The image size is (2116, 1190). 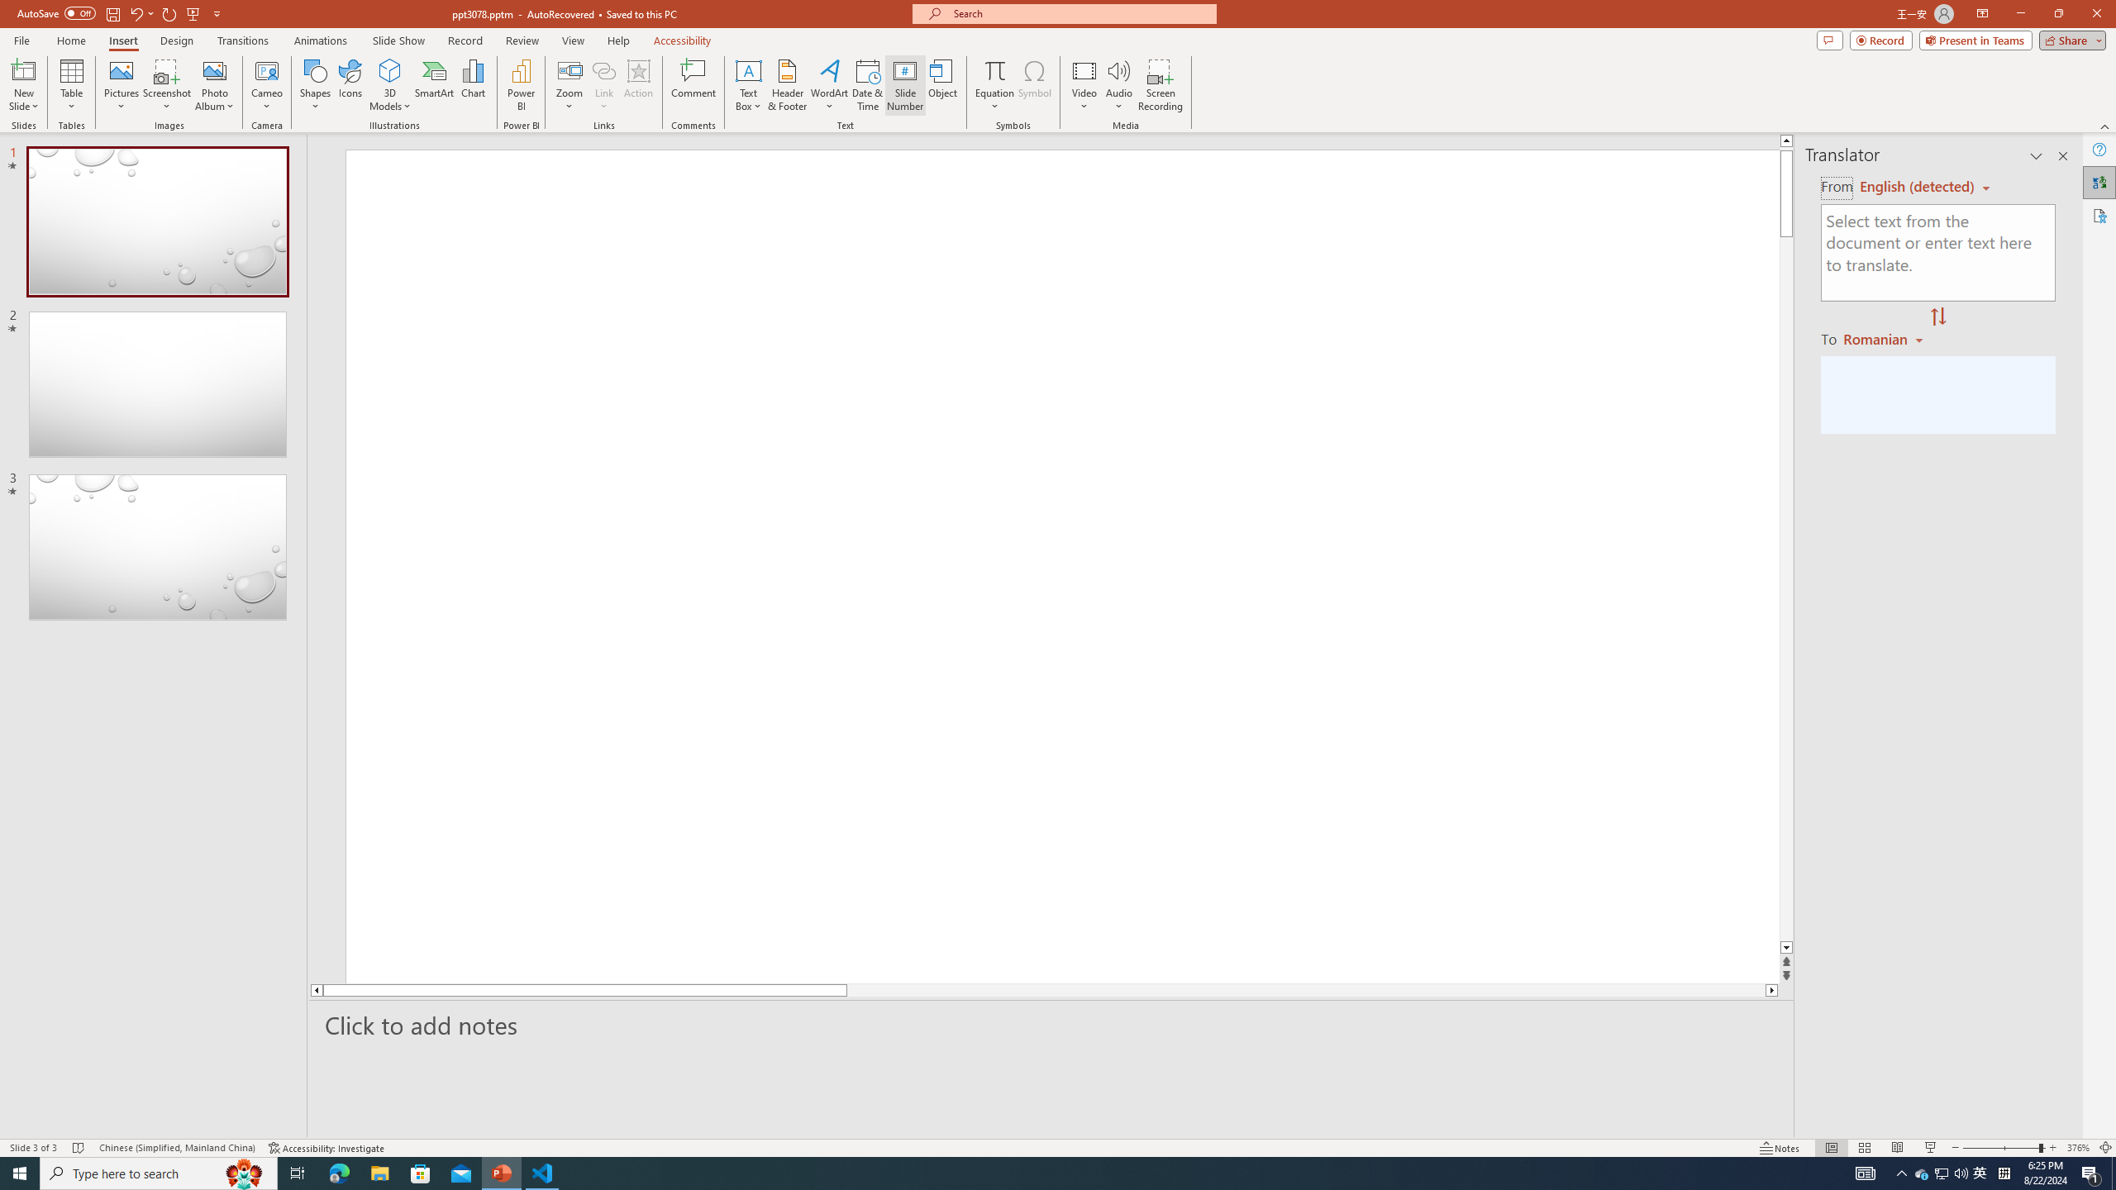 I want to click on 'Table', so click(x=71, y=85).